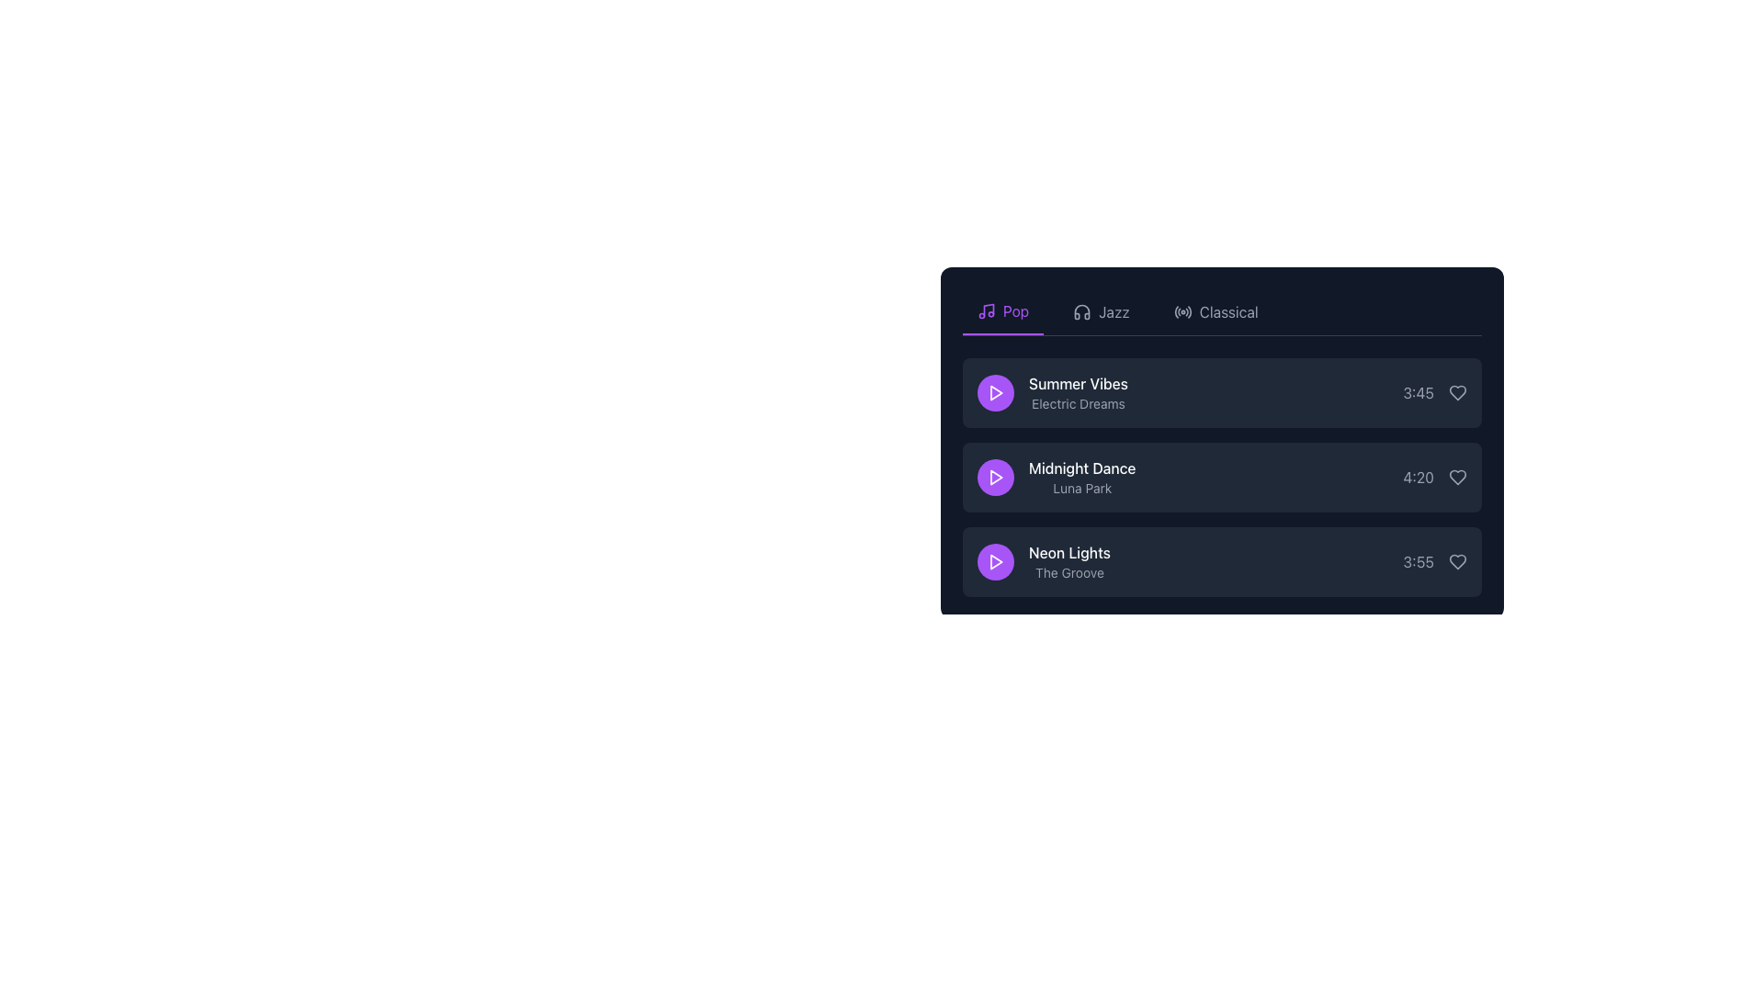 The image size is (1764, 992). I want to click on the light gray headphone icon located within the 'Jazz' navigation button at the top of the interface, positioned between the 'Pop' and 'Classical' buttons, so click(1082, 310).